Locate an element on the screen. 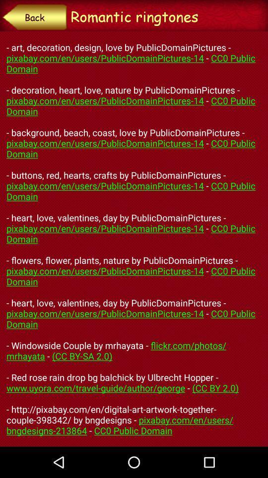 Image resolution: width=268 pixels, height=478 pixels. back at the top left corner is located at coordinates (34, 16).